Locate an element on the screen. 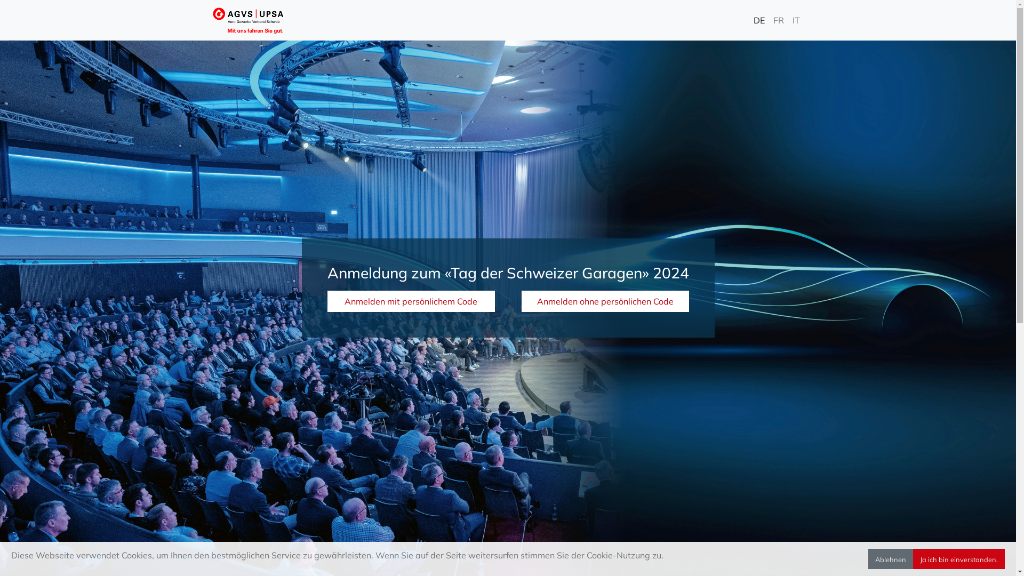  'Ja ich bin einverstanden.' is located at coordinates (959, 558).